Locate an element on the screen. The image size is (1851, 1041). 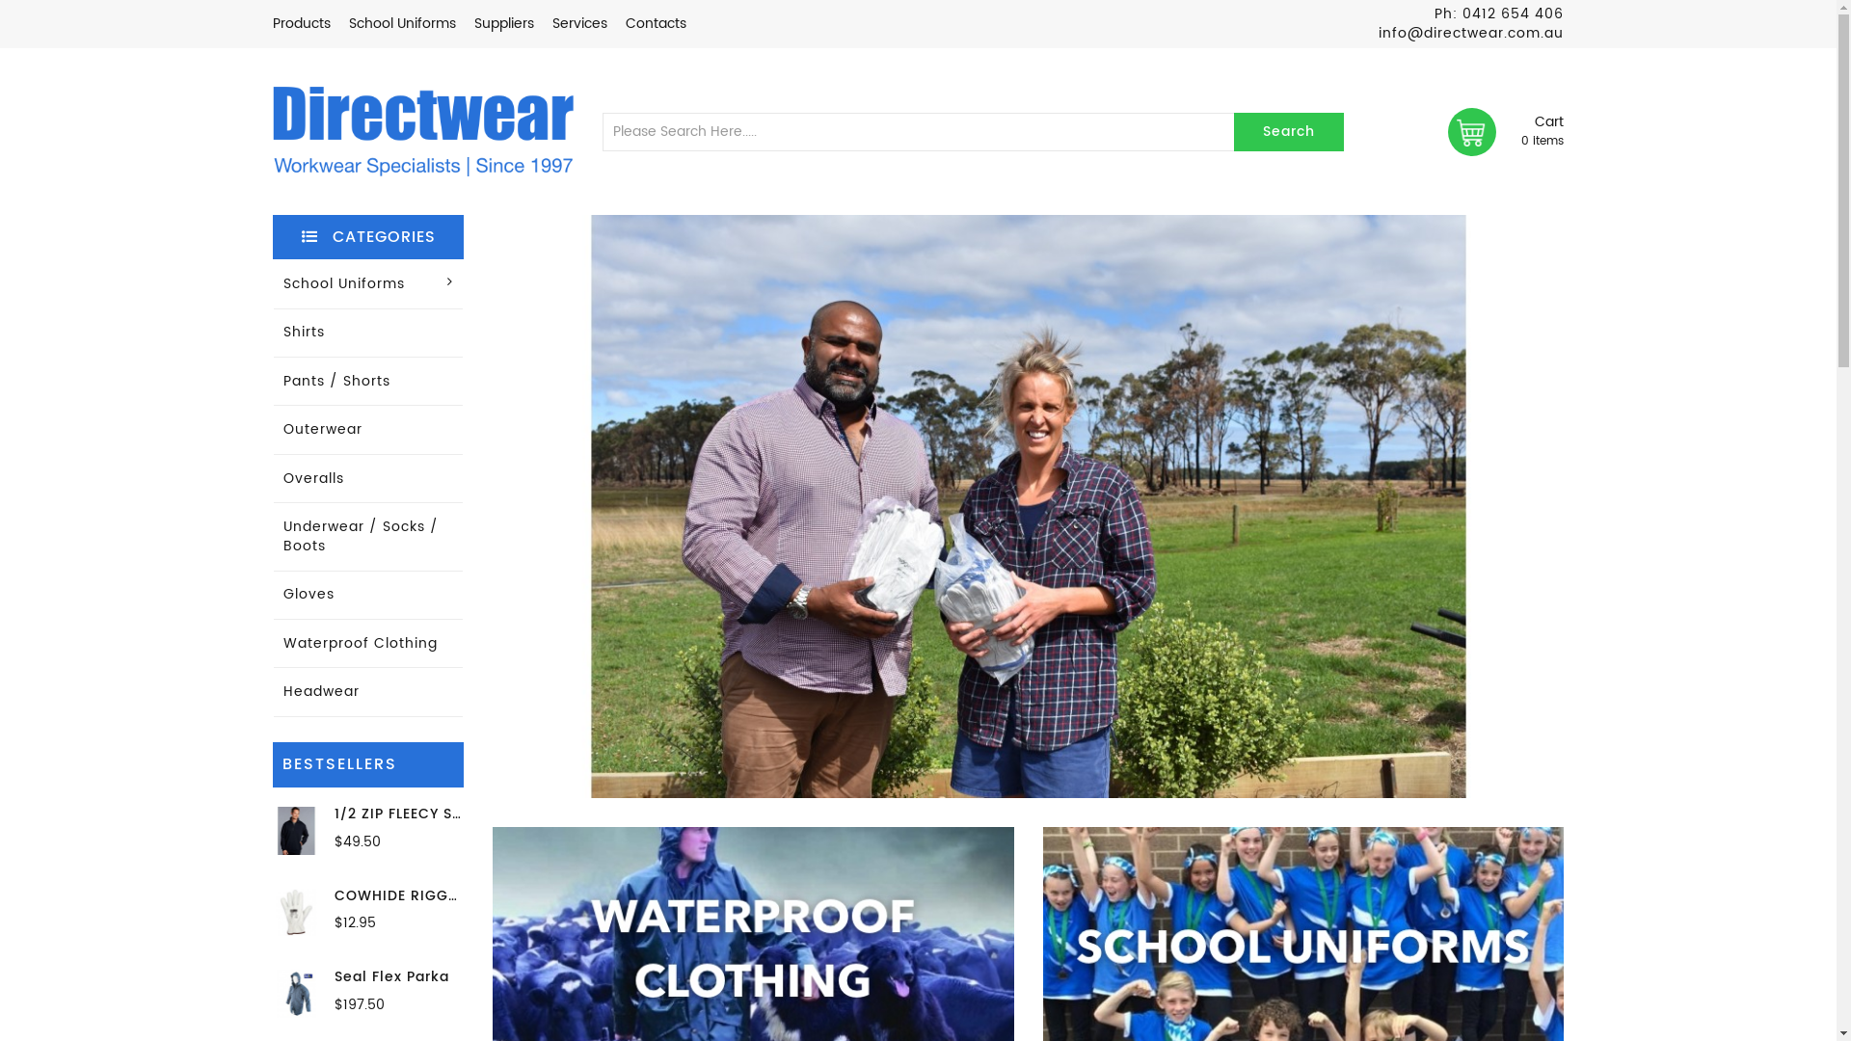
'Search' is located at coordinates (1234, 131).